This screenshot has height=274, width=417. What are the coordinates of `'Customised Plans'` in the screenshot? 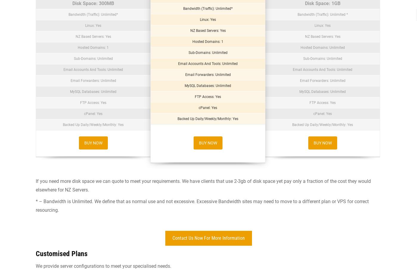 It's located at (62, 253).